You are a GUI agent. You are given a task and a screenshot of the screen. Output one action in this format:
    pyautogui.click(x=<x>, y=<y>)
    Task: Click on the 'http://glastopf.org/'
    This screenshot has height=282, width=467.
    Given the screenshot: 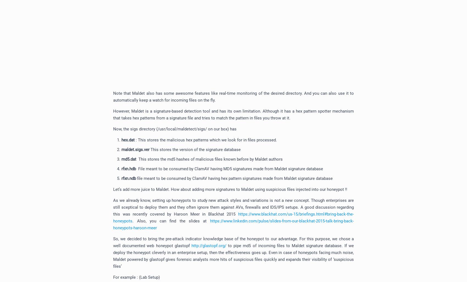 What is the action you would take?
    pyautogui.click(x=208, y=245)
    